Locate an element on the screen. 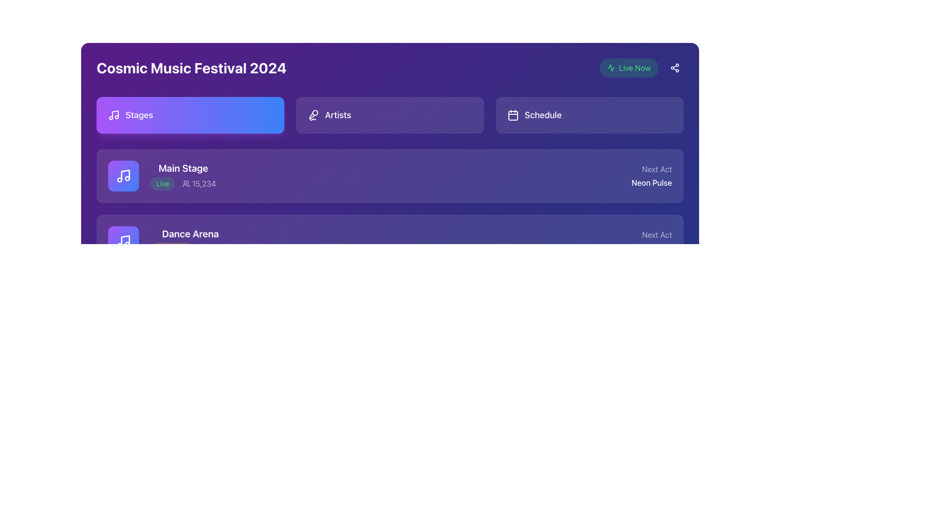  the static text label 'Next Act' located in the top-right part of the 'Main Stage' section, which precedes the text 'Neon Pulse' is located at coordinates (652, 169).